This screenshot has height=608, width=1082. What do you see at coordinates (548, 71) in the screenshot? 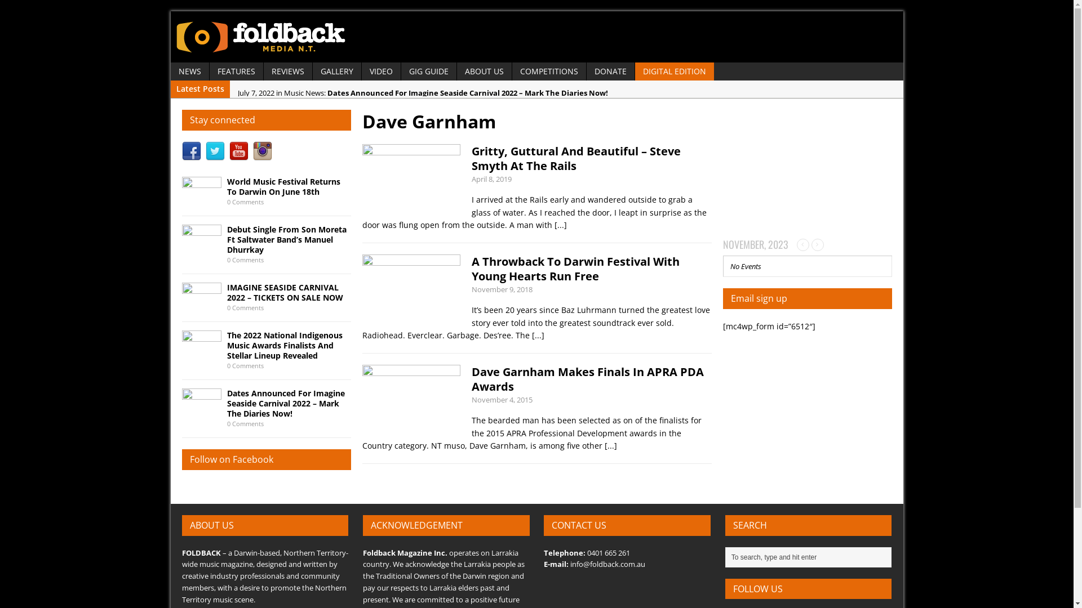
I see `'COMPETITIONS'` at bounding box center [548, 71].